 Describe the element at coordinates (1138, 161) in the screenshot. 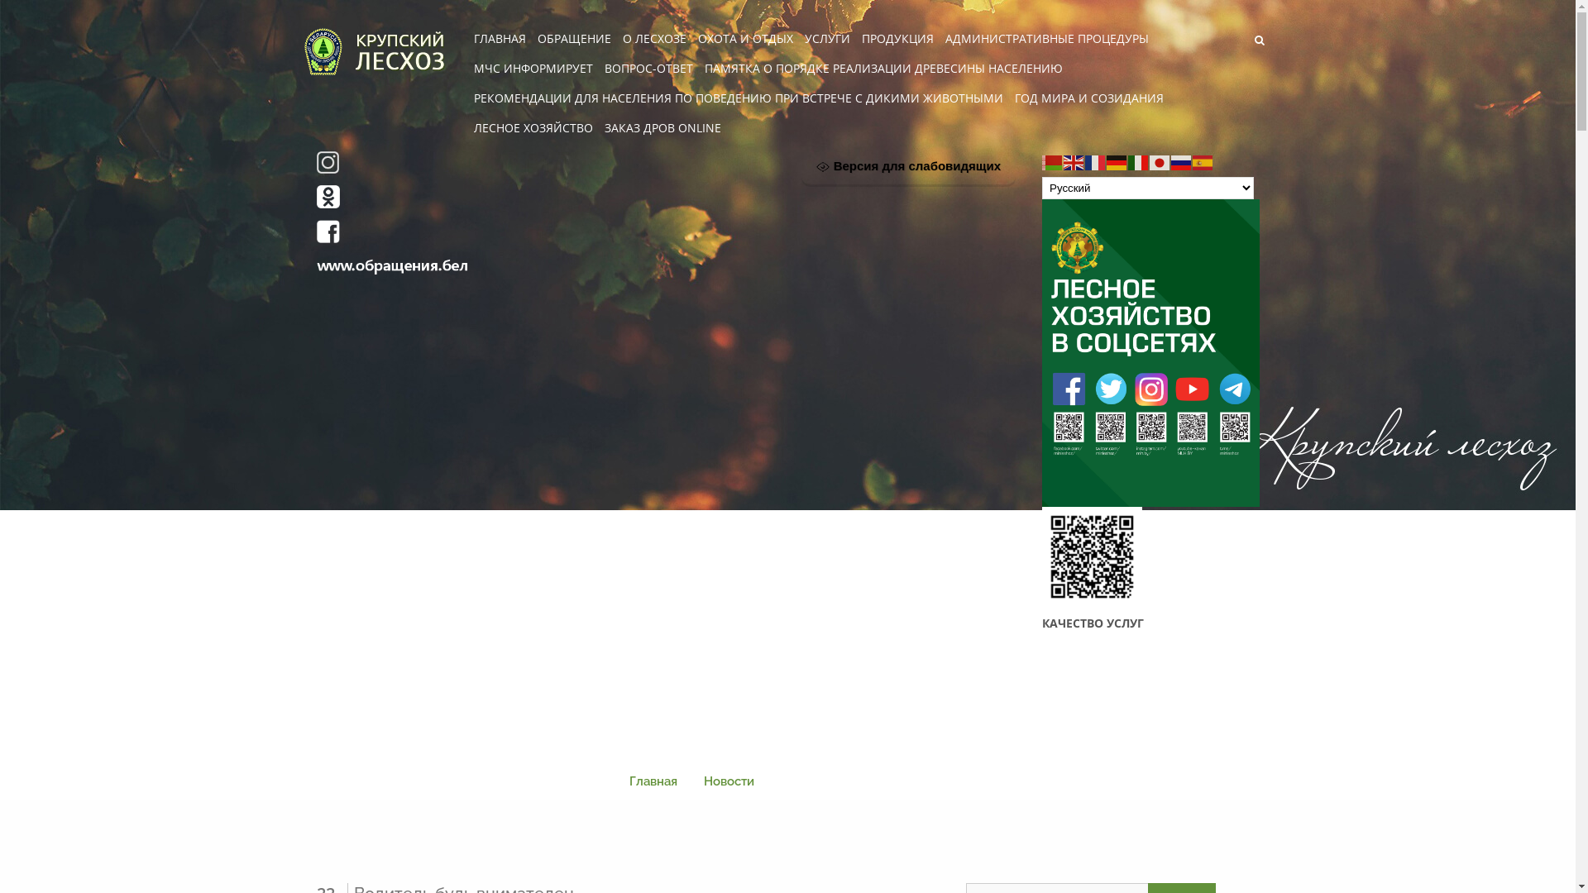

I see `'Italiano'` at that location.